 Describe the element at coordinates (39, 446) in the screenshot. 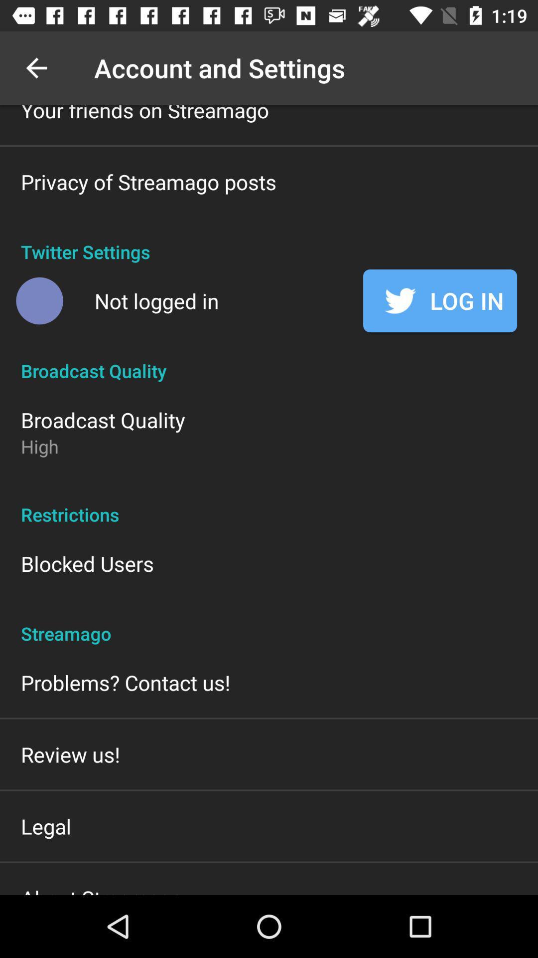

I see `high` at that location.